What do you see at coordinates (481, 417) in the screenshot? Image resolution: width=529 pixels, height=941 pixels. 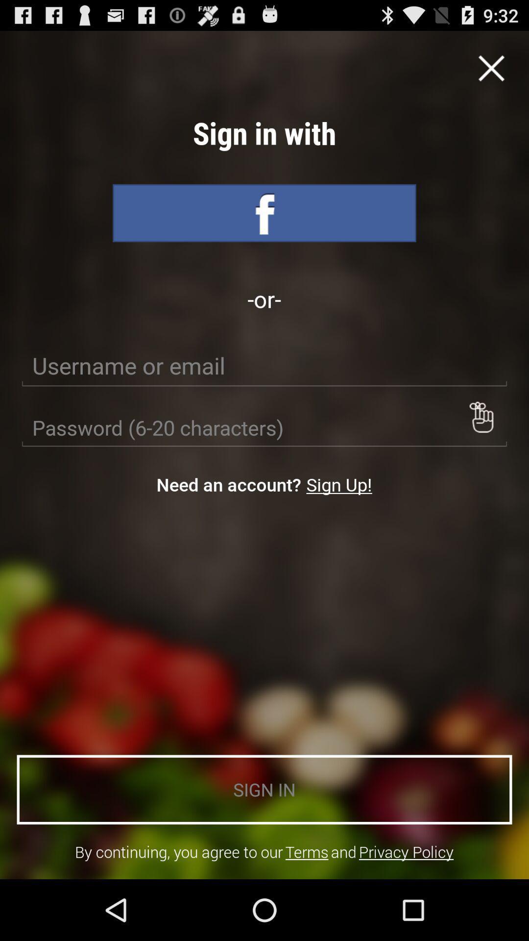 I see `password` at bounding box center [481, 417].